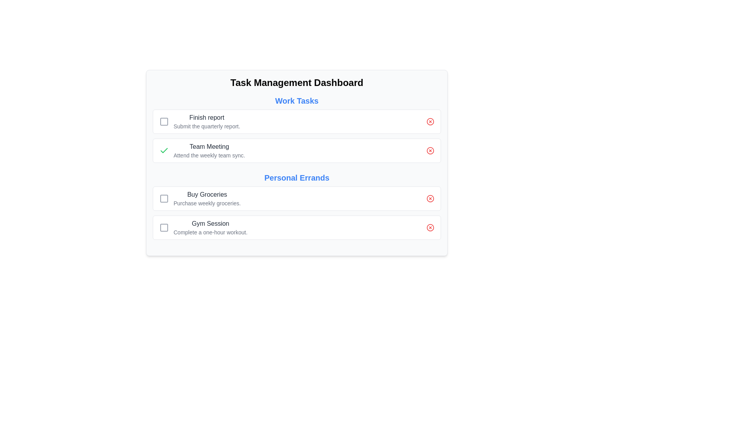 Image resolution: width=754 pixels, height=424 pixels. Describe the element at coordinates (296, 121) in the screenshot. I see `text of the first task item in the 'Work Tasks' list, which includes a checkbox and a red button for removal` at that location.